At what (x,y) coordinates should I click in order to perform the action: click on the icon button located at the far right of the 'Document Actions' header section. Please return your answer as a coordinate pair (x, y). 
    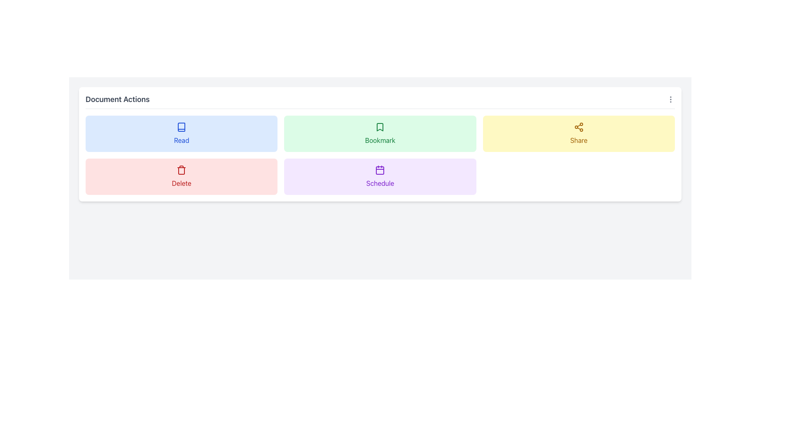
    Looking at the image, I should click on (671, 99).